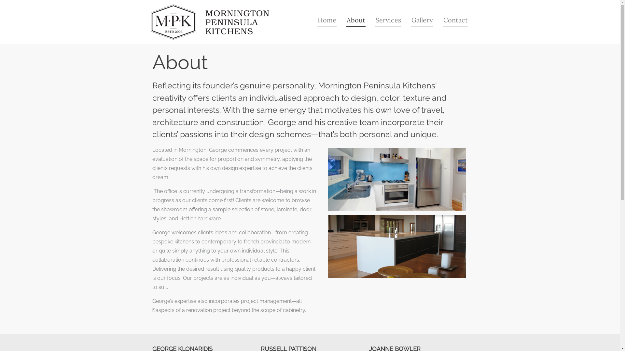 The image size is (625, 351). I want to click on 'Home', so click(326, 20).